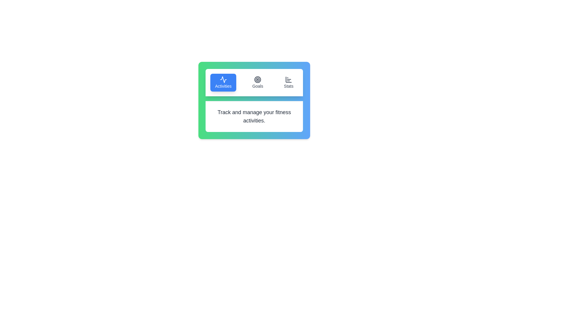 This screenshot has height=321, width=572. What do you see at coordinates (258, 82) in the screenshot?
I see `the Goals tab to switch content` at bounding box center [258, 82].